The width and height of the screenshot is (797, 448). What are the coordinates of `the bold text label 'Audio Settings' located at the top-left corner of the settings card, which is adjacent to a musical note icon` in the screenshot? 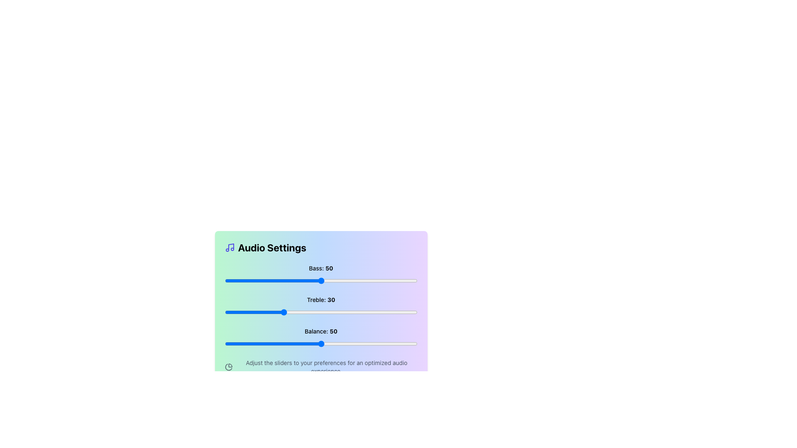 It's located at (272, 247).